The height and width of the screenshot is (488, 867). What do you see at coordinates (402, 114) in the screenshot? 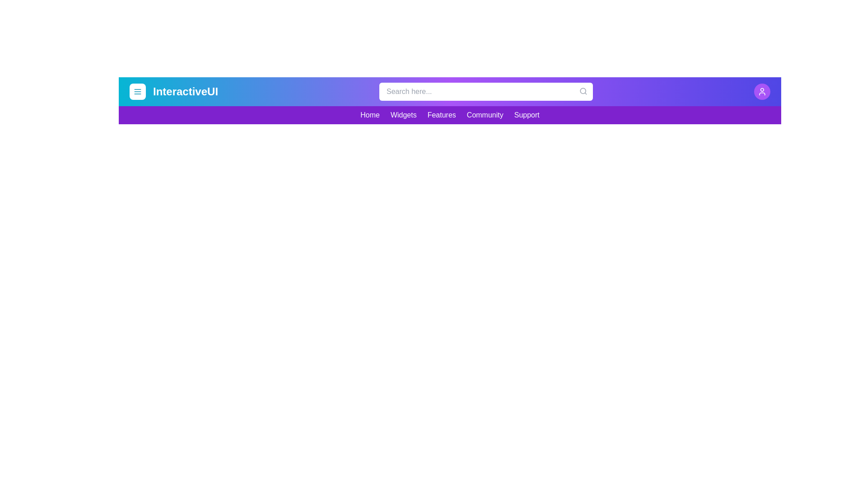
I see `the navigation link labeled Widgets` at bounding box center [402, 114].